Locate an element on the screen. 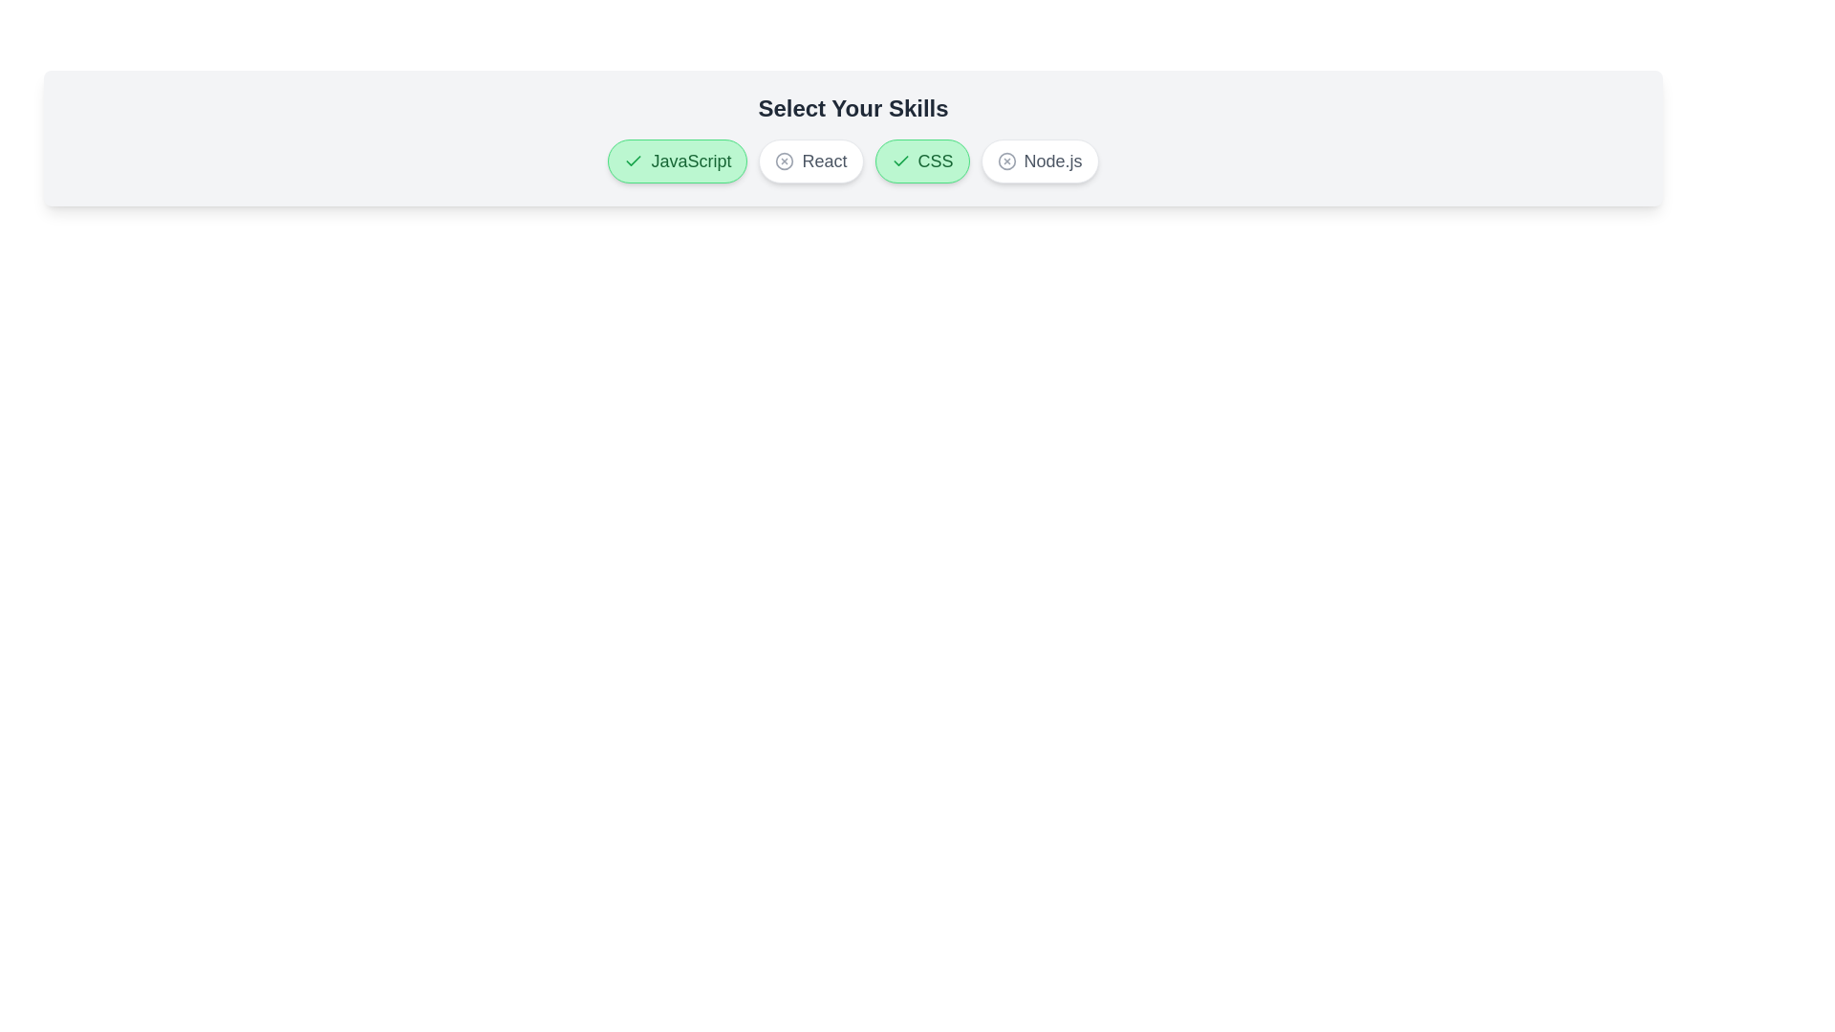  the button labeled React to observe its hover effect is located at coordinates (811, 161).